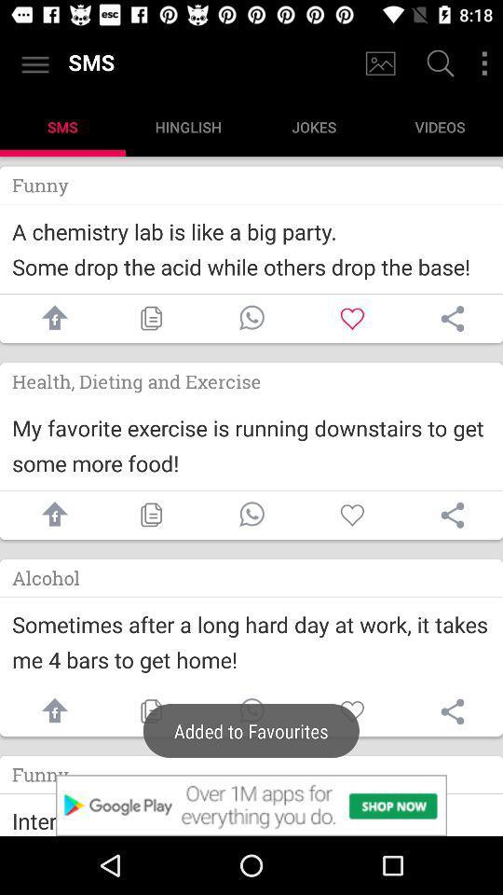 This screenshot has width=503, height=895. What do you see at coordinates (150, 710) in the screenshot?
I see `copy` at bounding box center [150, 710].